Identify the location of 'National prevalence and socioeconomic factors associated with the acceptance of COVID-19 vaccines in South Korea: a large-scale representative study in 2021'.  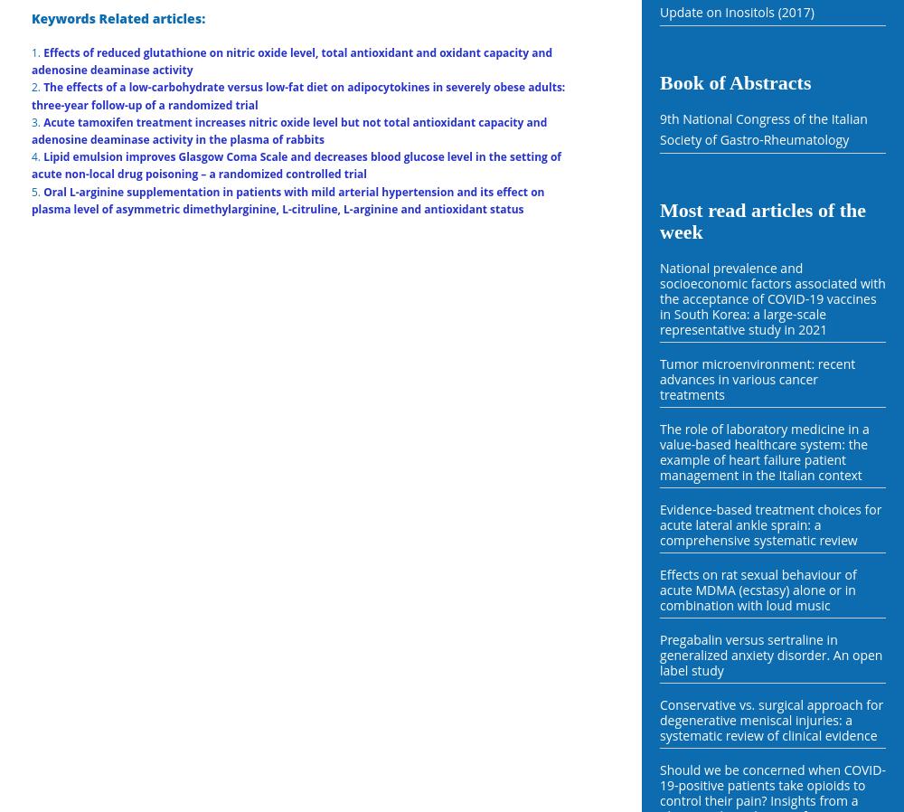
(771, 298).